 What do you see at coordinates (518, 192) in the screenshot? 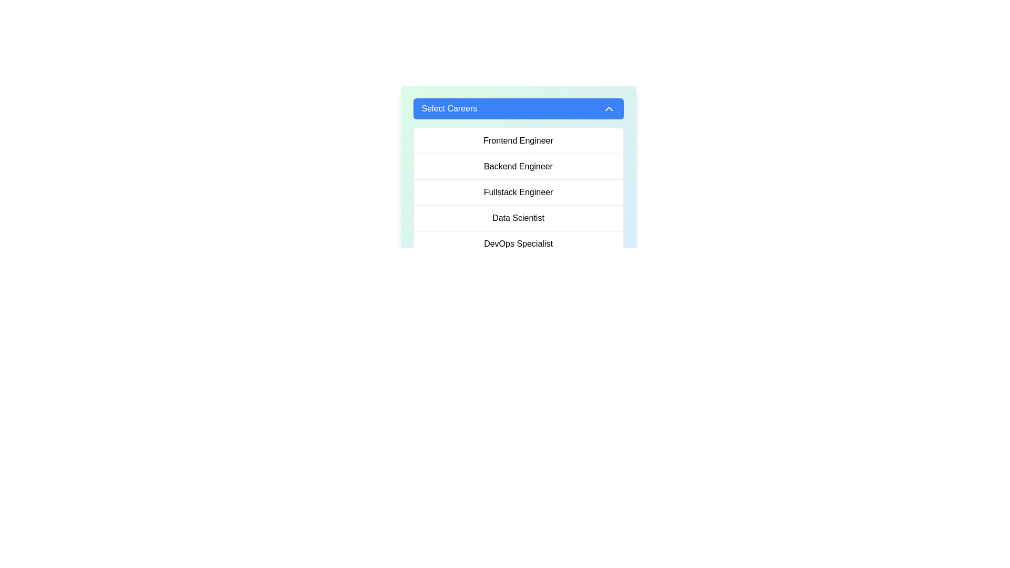
I see `the selectable list item displaying 'Fullstack Engineer'` at bounding box center [518, 192].